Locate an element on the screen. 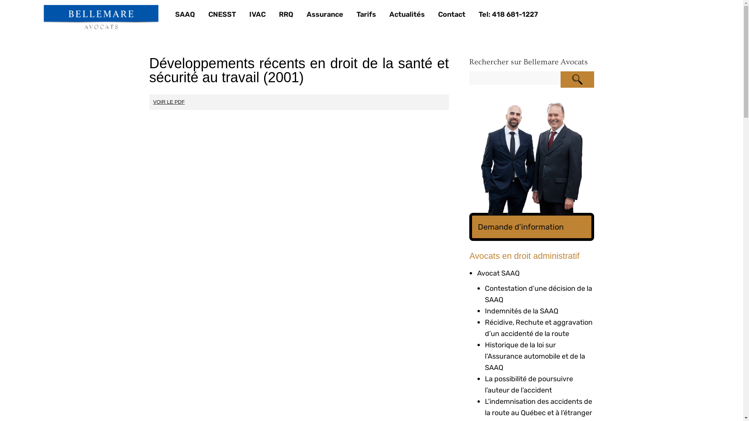 Image resolution: width=749 pixels, height=421 pixels. 'Contact' is located at coordinates (451, 14).